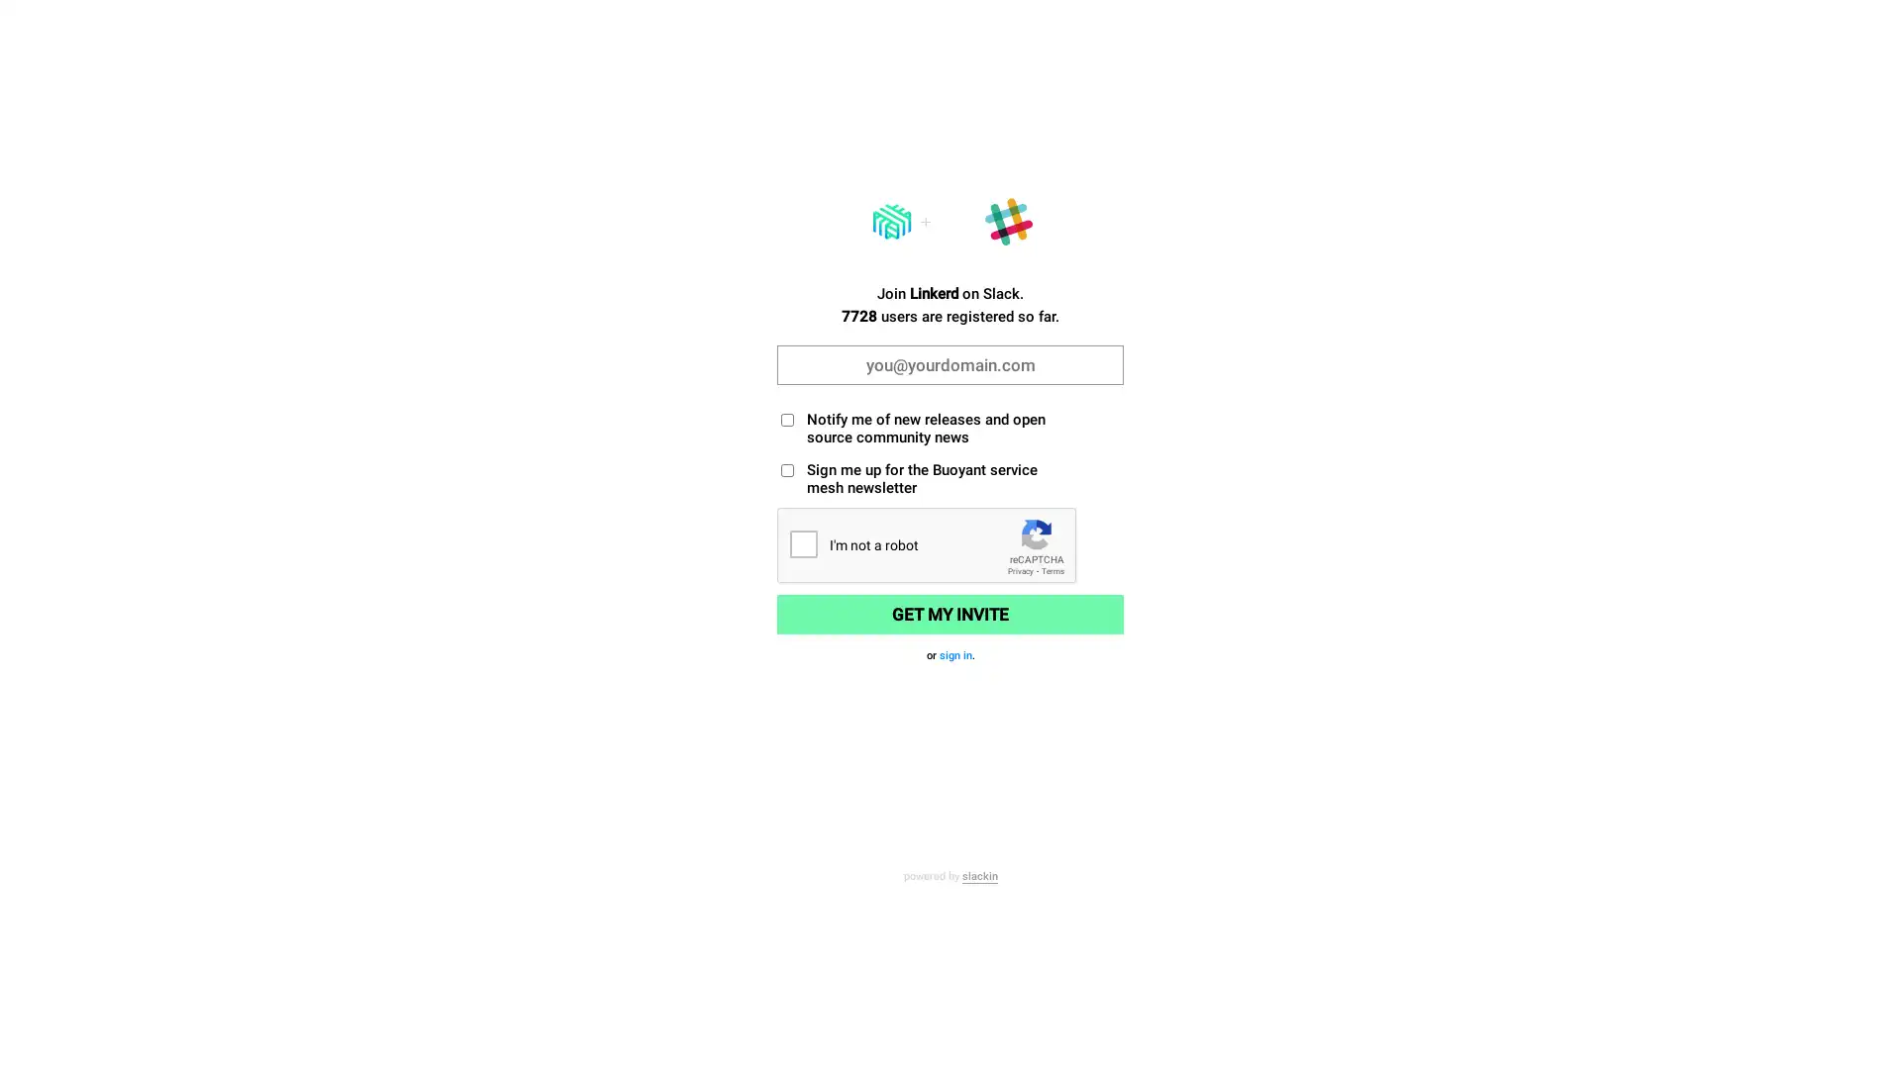 Image resolution: width=1901 pixels, height=1069 pixels. What do you see at coordinates (950, 614) in the screenshot?
I see `GET MY INVITE` at bounding box center [950, 614].